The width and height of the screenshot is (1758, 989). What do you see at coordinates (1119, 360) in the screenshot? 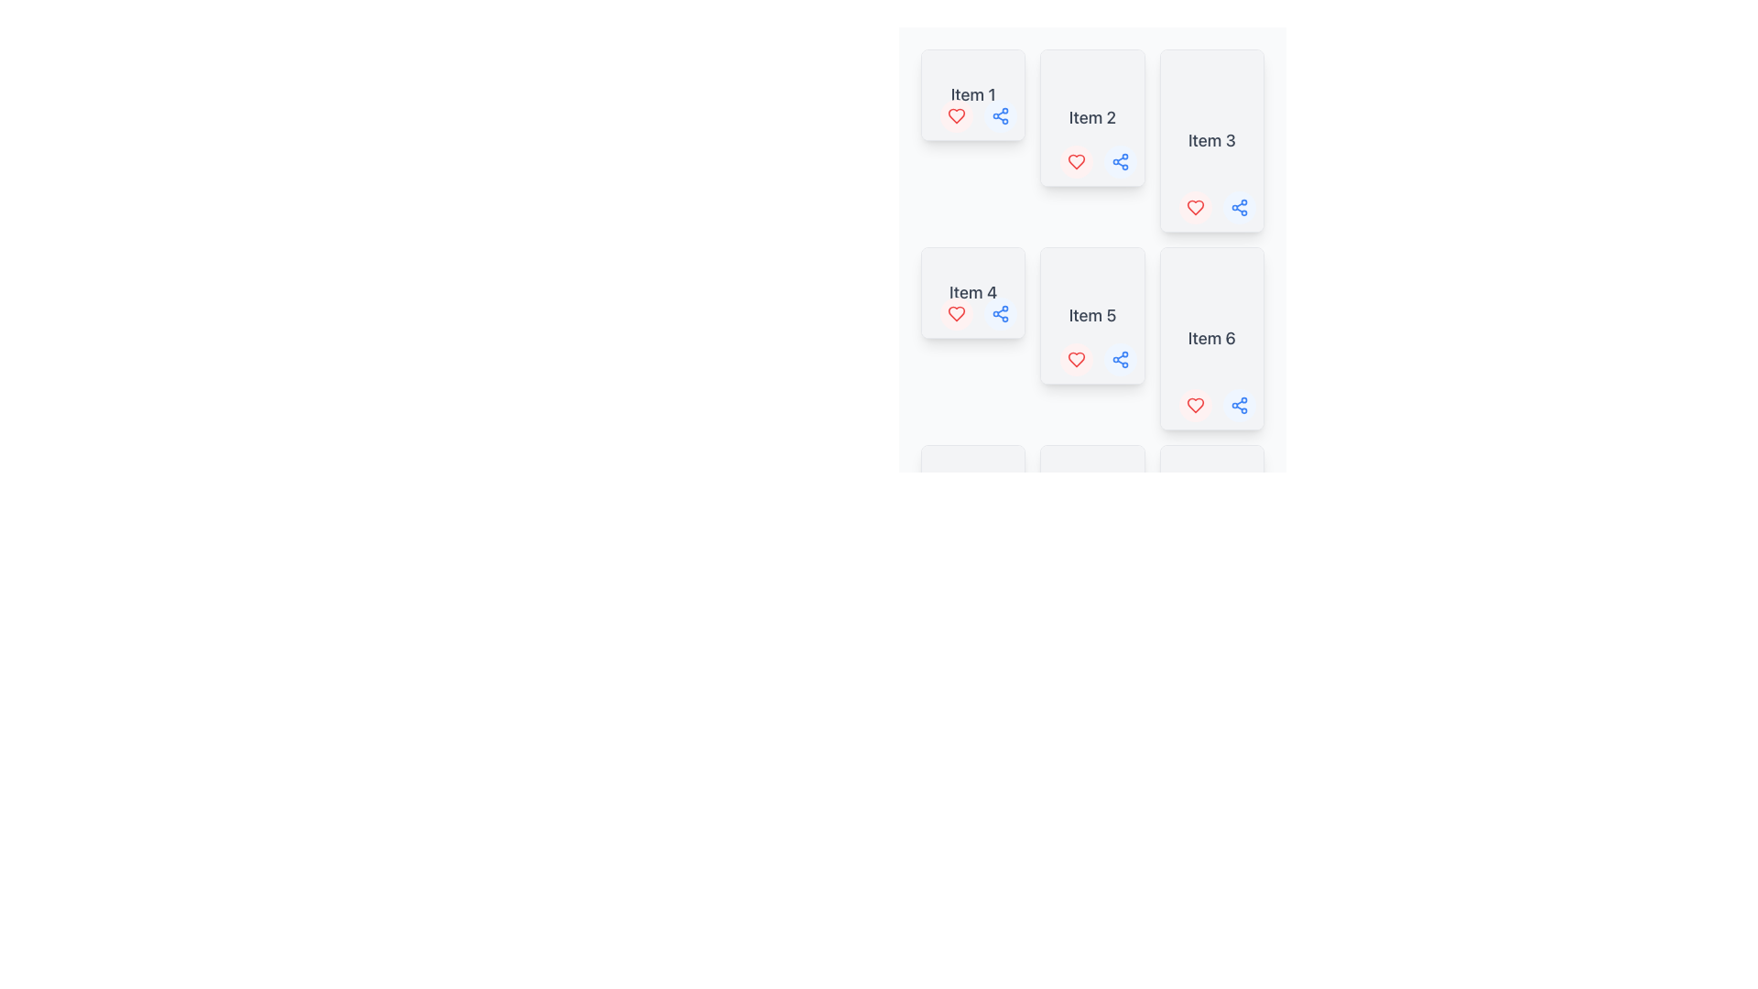
I see `the Share Button Icon, which is a blue circular outline positioned at the bottom-right corner of the 'Item 5' panel, to initiate sharing` at bounding box center [1119, 360].